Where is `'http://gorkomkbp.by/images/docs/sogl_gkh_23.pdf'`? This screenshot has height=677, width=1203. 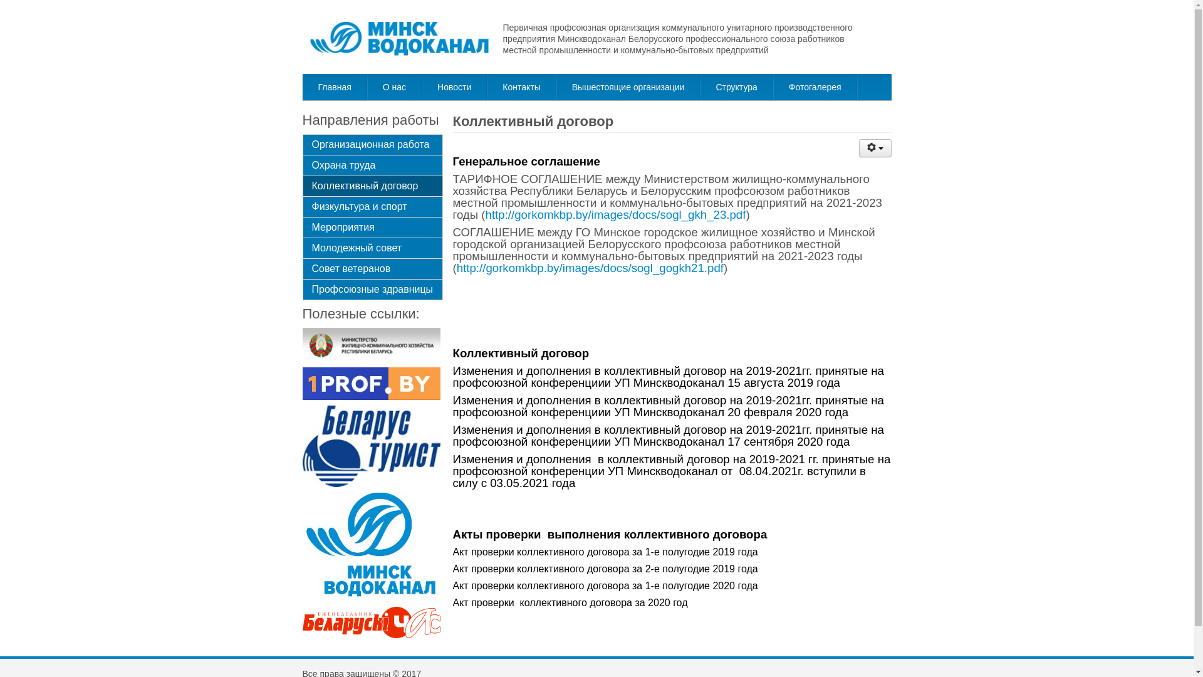 'http://gorkomkbp.by/images/docs/sogl_gkh_23.pdf' is located at coordinates (616, 214).